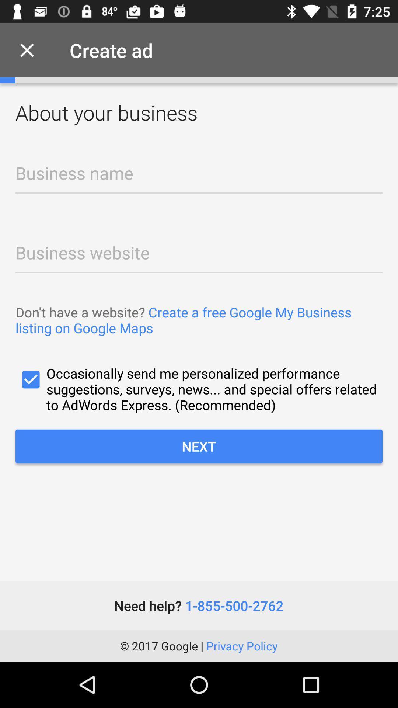  What do you see at coordinates (199, 320) in the screenshot?
I see `item above the occasionally send me item` at bounding box center [199, 320].